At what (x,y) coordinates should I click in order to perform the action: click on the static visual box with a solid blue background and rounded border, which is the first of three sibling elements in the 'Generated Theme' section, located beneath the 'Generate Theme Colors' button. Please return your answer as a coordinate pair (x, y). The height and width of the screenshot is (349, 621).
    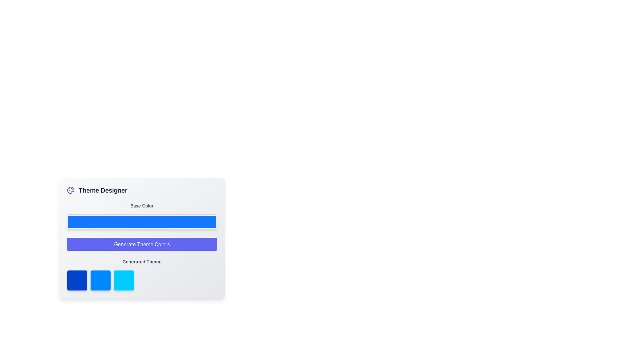
    Looking at the image, I should click on (77, 280).